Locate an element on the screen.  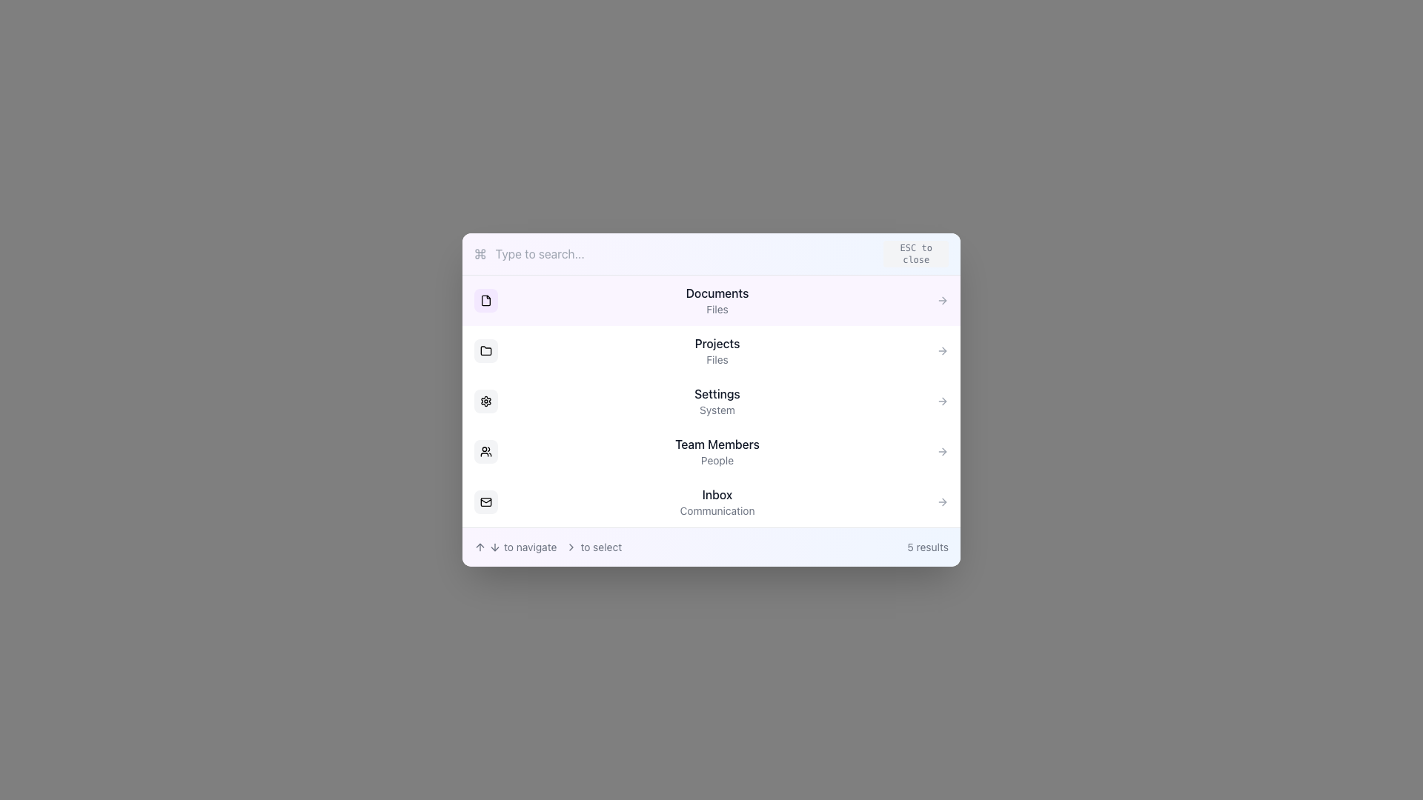
the settings button located centrally in the list, which is the third item in a menu of five options is located at coordinates (711, 401).